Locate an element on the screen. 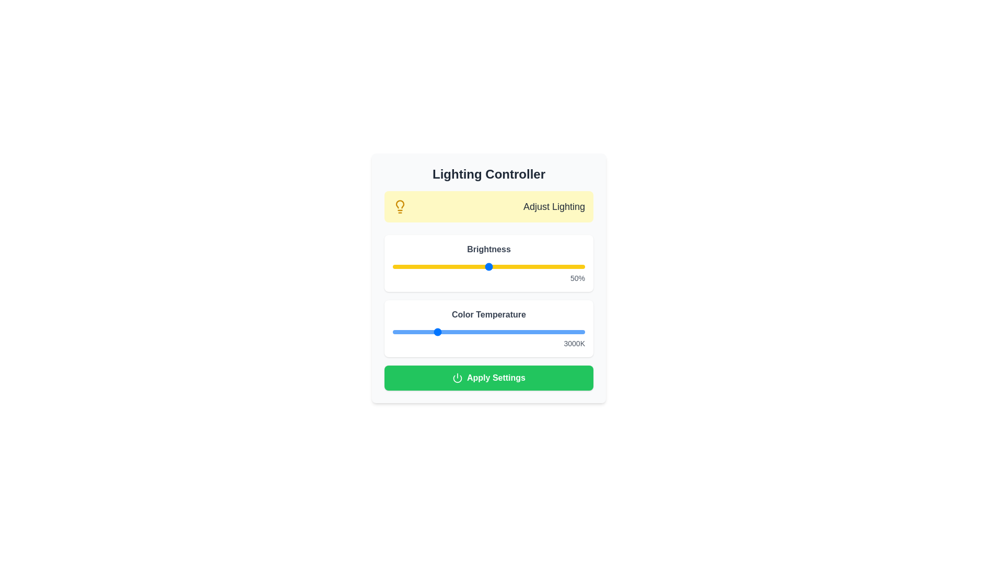 The width and height of the screenshot is (1003, 564). the brightness slider to set the brightness level to 36 is located at coordinates (461, 266).